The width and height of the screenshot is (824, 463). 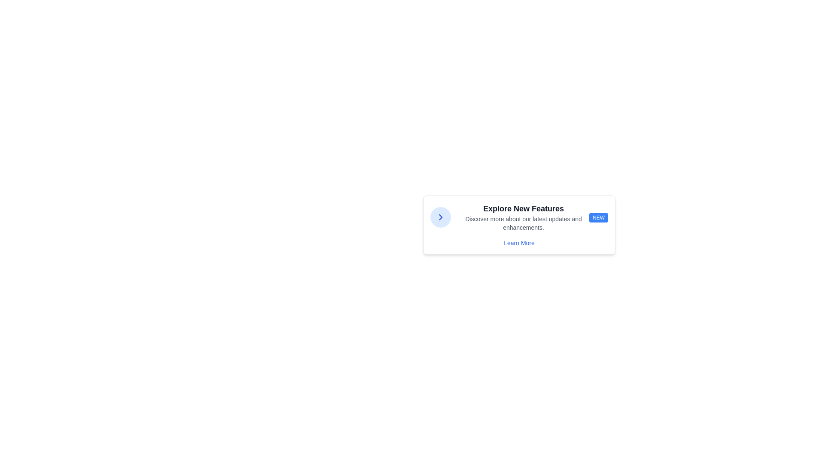 I want to click on the rightward-pointing chevron arrow icon with a blue outline, located within a circular blue button on the left side of the 'Explore New Features' notification card, so click(x=441, y=216).